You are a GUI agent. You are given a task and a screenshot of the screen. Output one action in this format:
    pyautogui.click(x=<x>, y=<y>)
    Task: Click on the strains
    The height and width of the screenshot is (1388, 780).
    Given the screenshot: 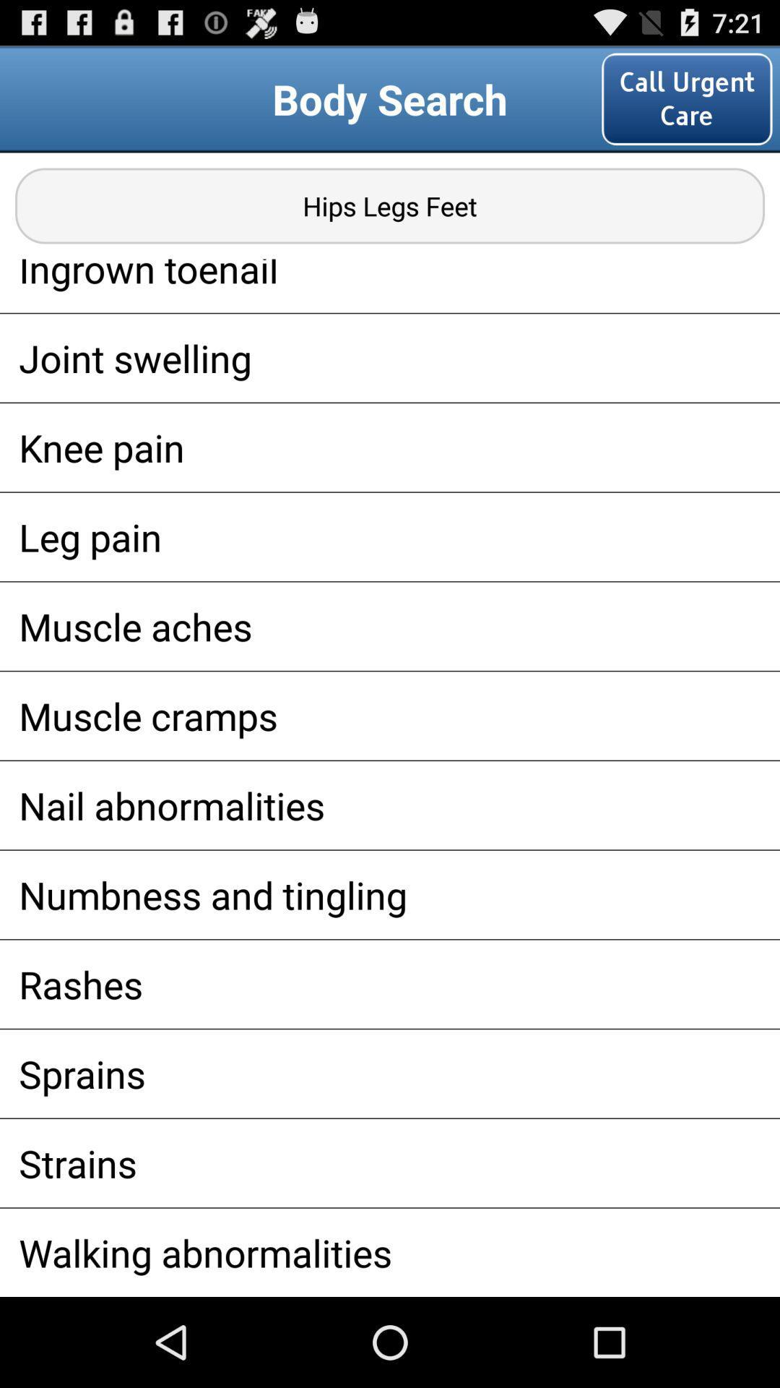 What is the action you would take?
    pyautogui.click(x=390, y=1163)
    